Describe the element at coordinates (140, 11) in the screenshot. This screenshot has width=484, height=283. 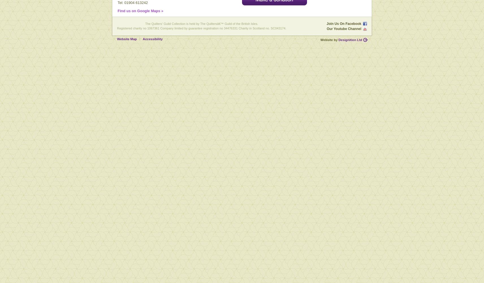
I see `'Find us on Google Maps »'` at that location.